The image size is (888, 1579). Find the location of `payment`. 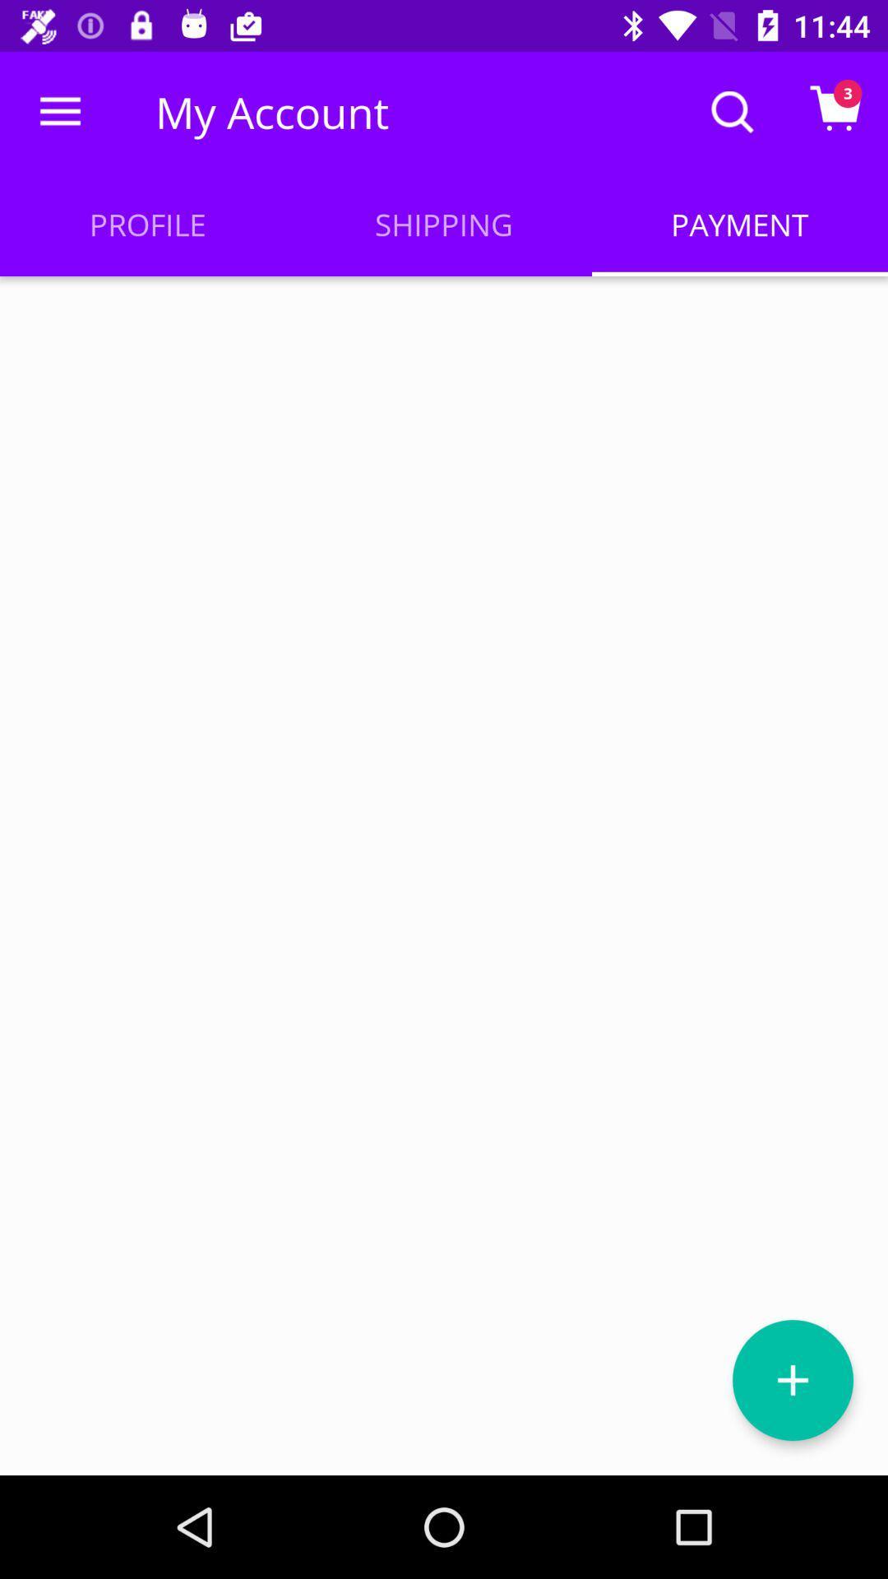

payment is located at coordinates (792, 1380).